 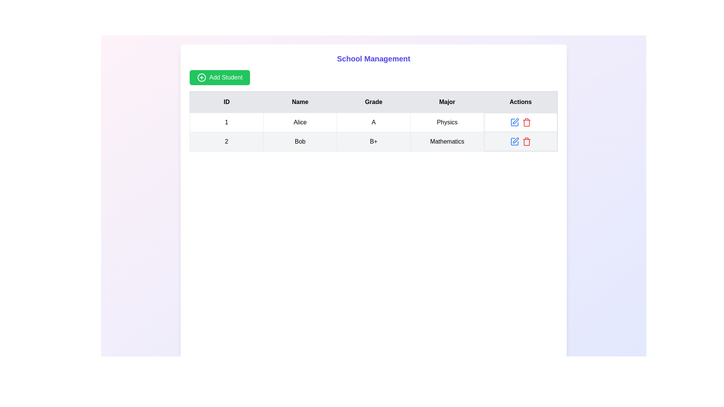 What do you see at coordinates (300, 141) in the screenshot?
I see `the table cell containing the text 'Bob', which is styled with padding and a border, located as the second cell in the second row under the 'Name' column` at bounding box center [300, 141].